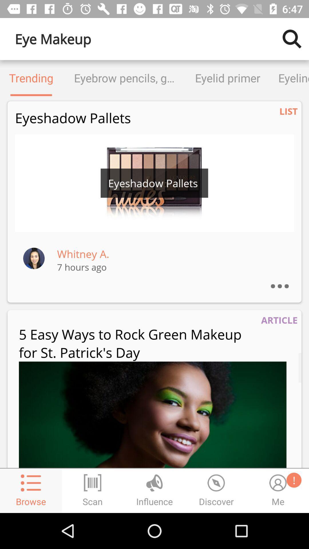 The image size is (309, 549). What do you see at coordinates (124, 78) in the screenshot?
I see `eyebrow pencils gels` at bounding box center [124, 78].